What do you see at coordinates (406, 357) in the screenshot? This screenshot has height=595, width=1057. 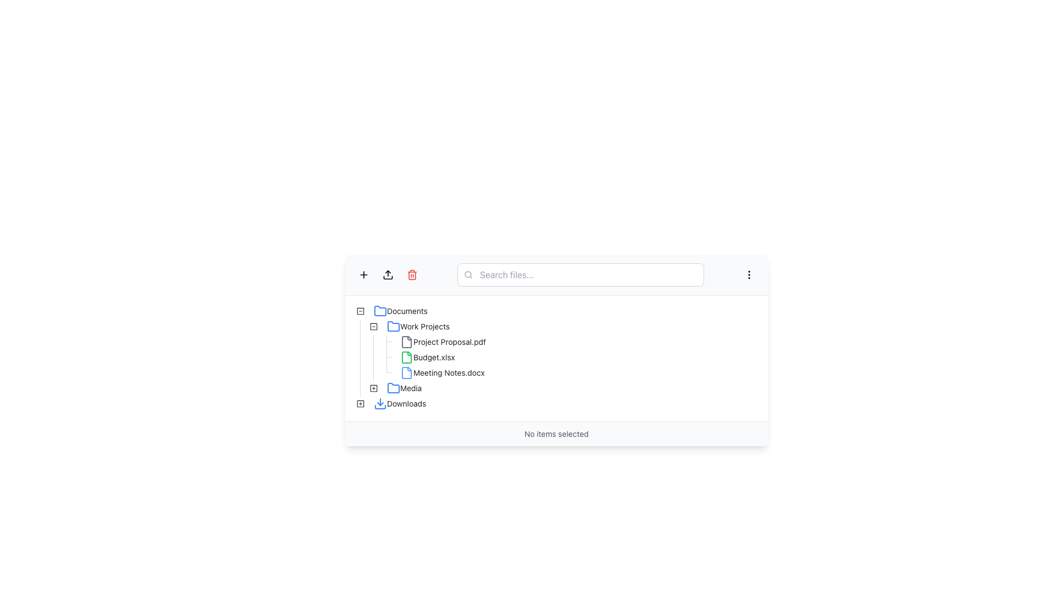 I see `the Tree item with the text 'Budget.xlsx'` at bounding box center [406, 357].